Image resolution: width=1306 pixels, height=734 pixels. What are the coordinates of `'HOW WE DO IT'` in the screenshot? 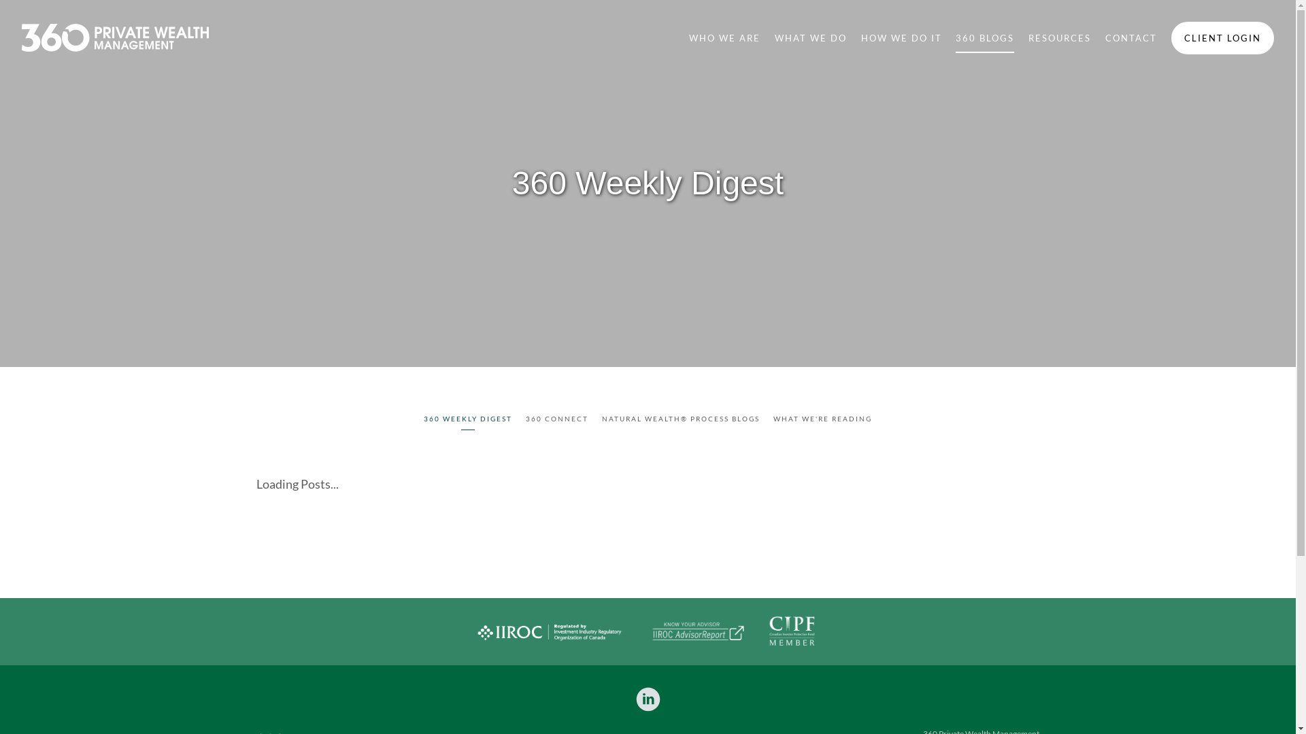 It's located at (901, 37).